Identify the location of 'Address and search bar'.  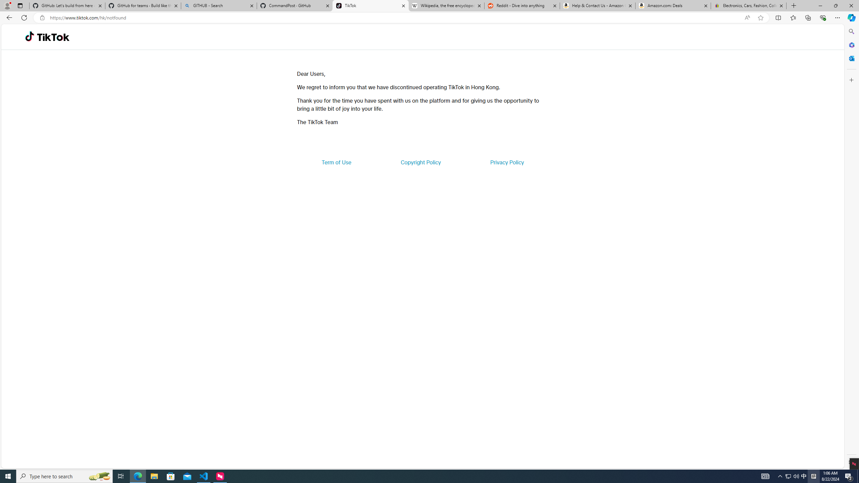
(395, 18).